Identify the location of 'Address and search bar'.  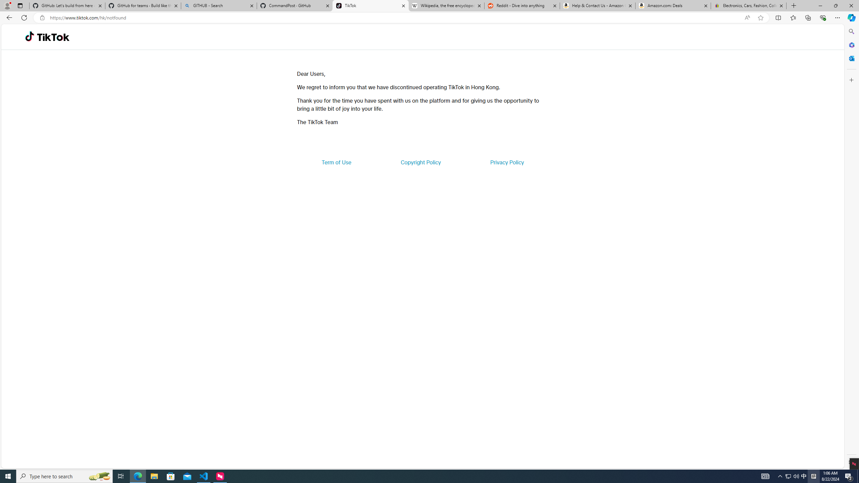
(395, 18).